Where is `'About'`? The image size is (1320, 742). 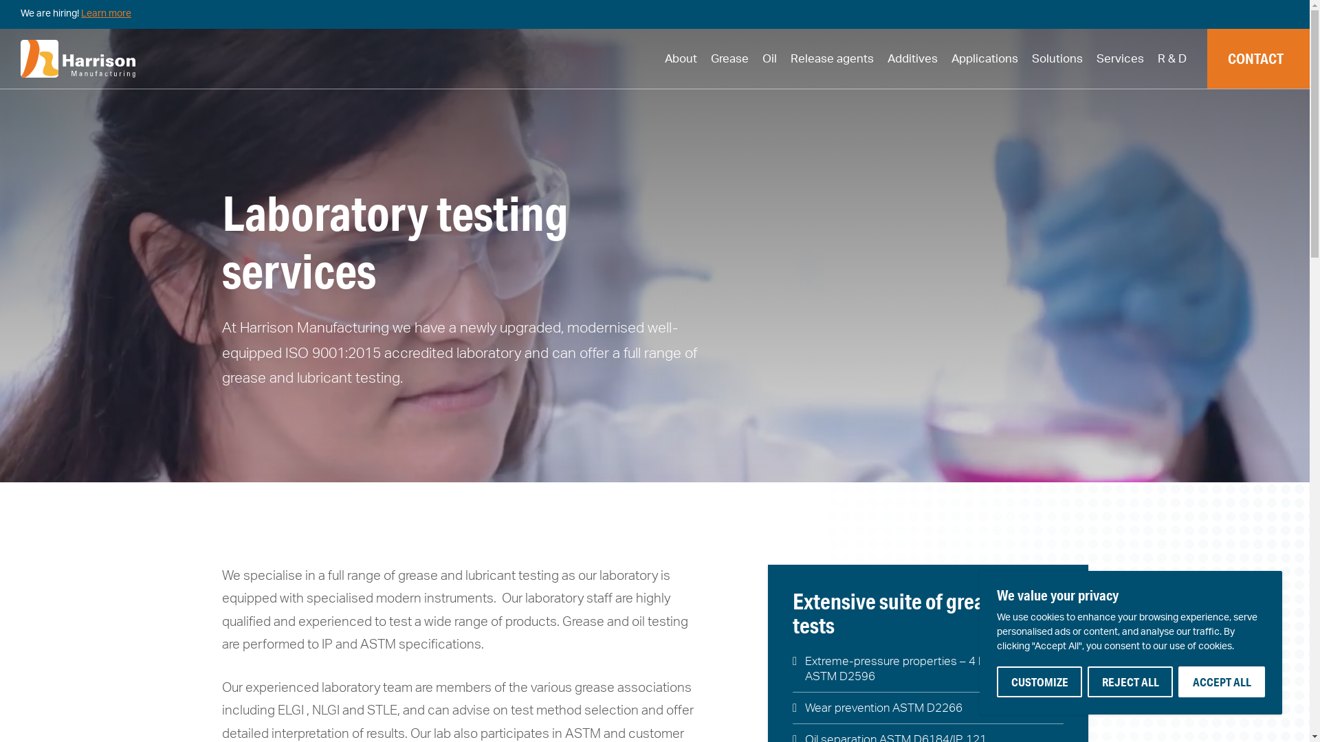 'About' is located at coordinates (681, 58).